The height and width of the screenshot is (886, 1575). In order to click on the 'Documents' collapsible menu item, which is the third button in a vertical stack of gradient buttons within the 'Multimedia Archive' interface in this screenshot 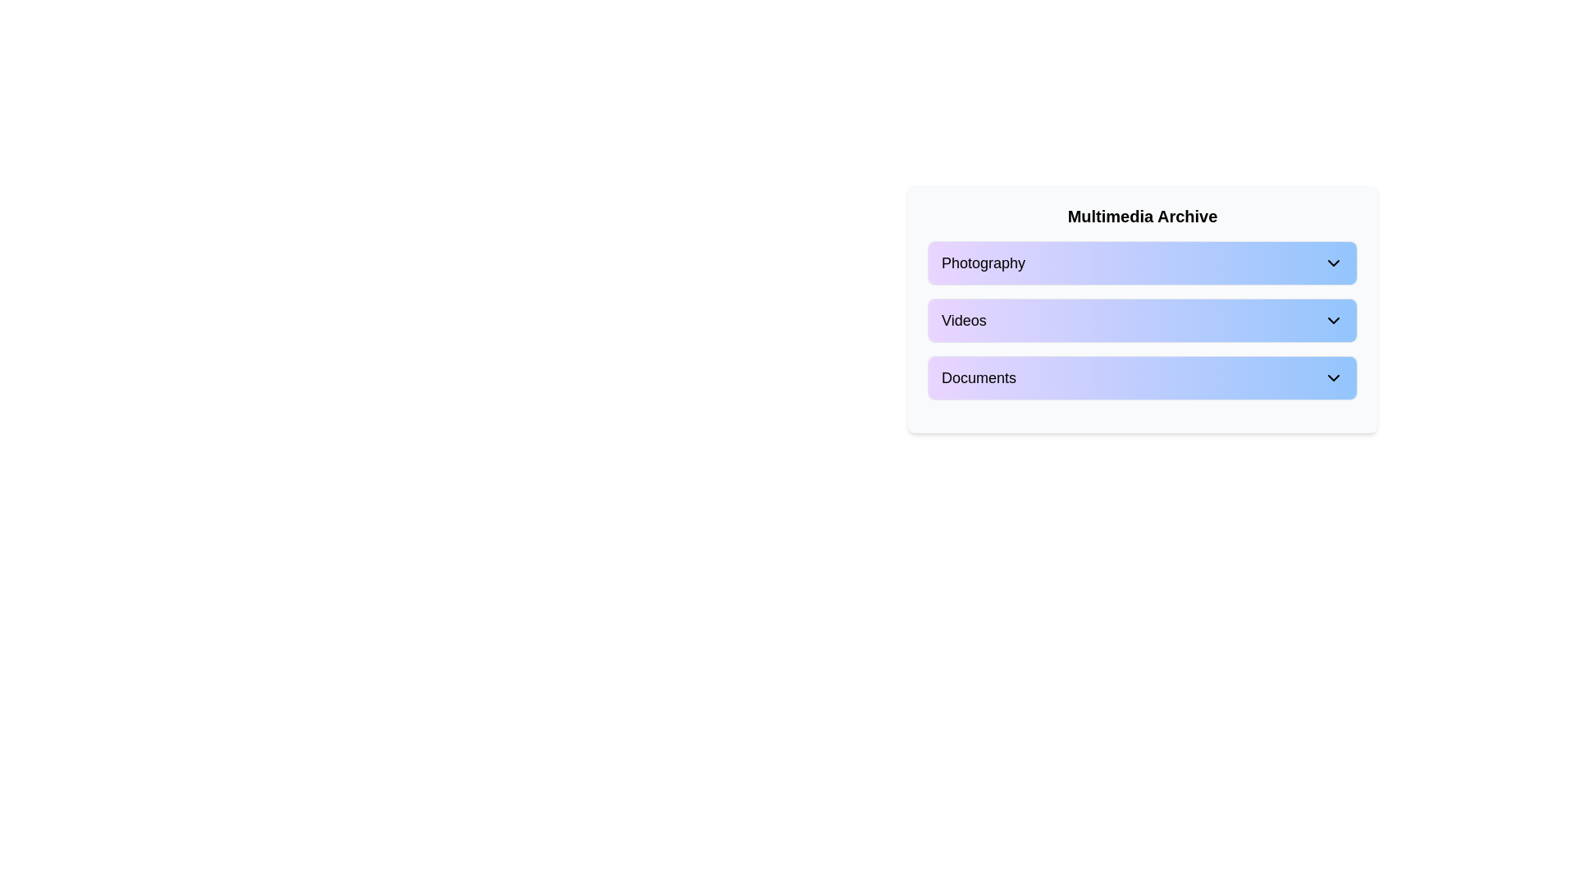, I will do `click(1141, 378)`.